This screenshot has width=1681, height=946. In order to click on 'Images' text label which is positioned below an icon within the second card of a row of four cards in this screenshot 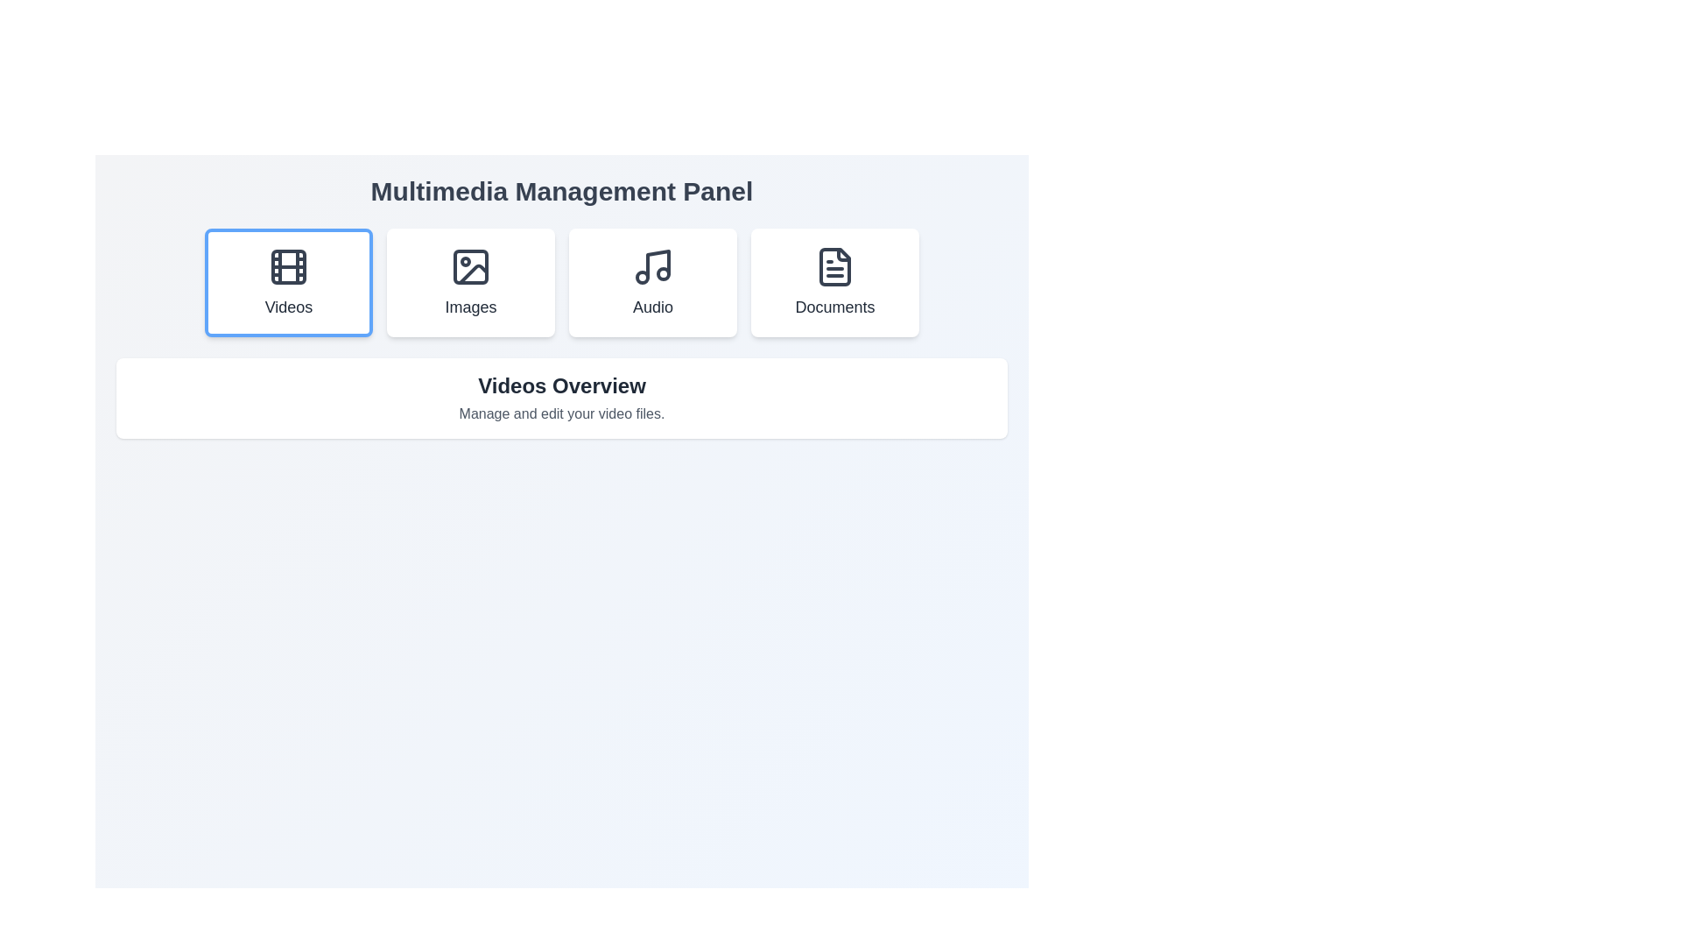, I will do `click(470, 307)`.